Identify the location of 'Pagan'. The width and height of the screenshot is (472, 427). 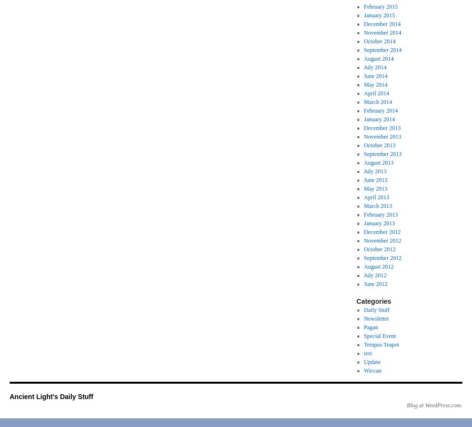
(370, 326).